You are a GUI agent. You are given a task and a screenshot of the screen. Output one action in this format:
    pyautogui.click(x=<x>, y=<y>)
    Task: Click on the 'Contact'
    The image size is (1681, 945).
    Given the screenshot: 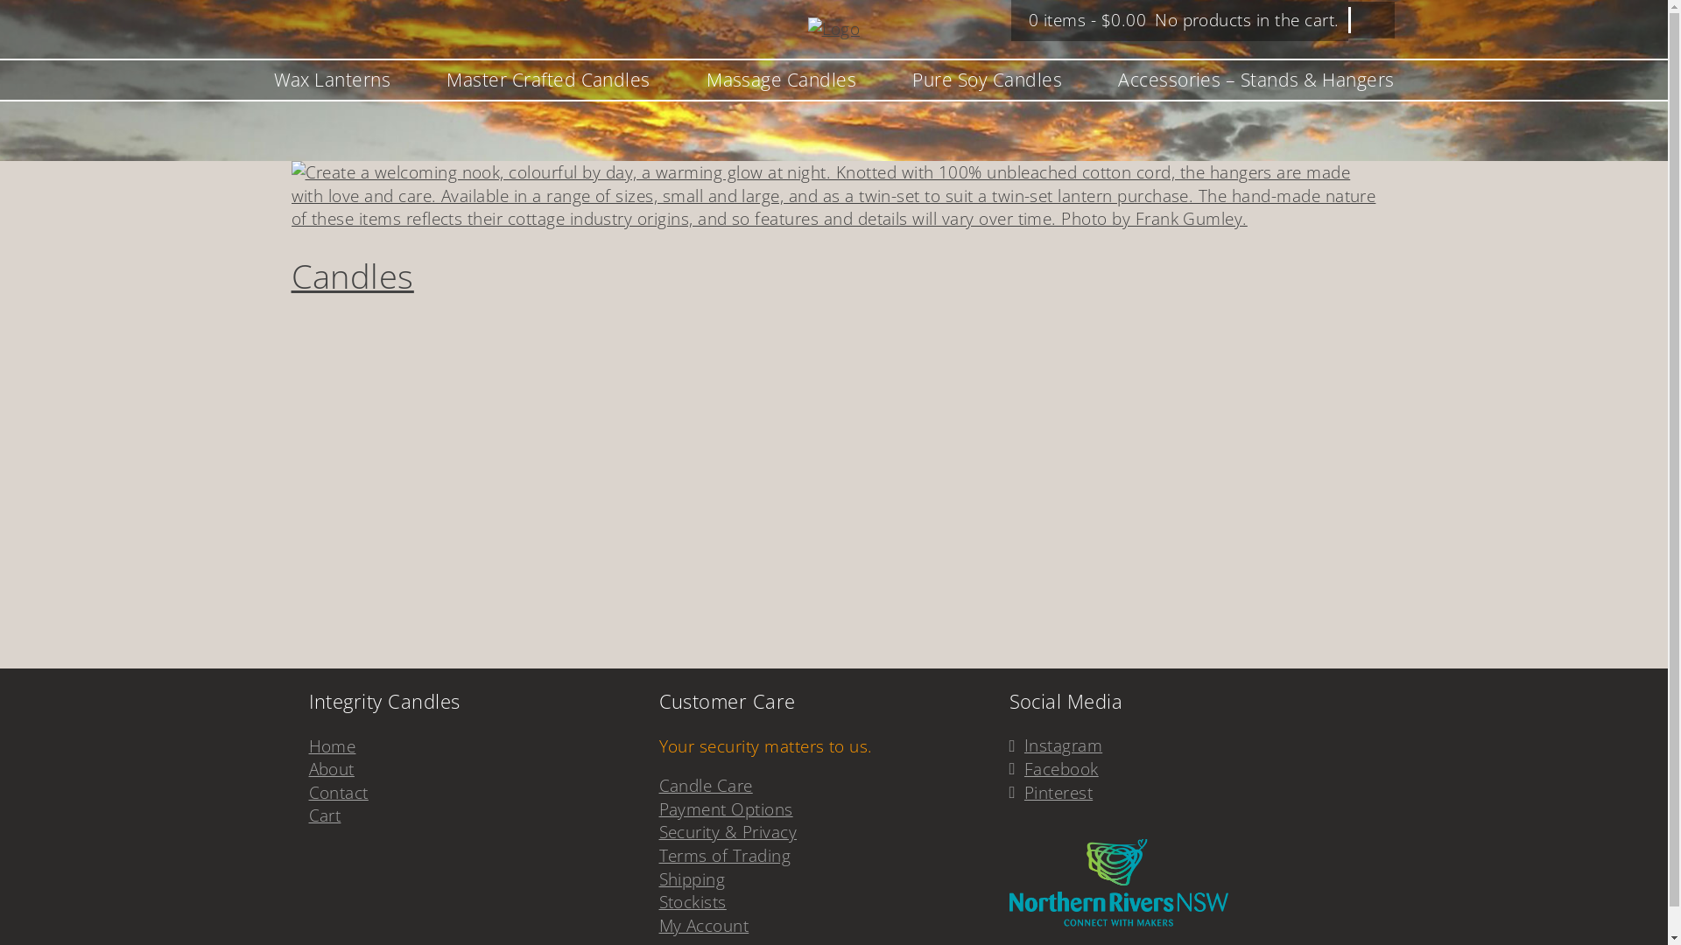 What is the action you would take?
    pyautogui.click(x=337, y=793)
    